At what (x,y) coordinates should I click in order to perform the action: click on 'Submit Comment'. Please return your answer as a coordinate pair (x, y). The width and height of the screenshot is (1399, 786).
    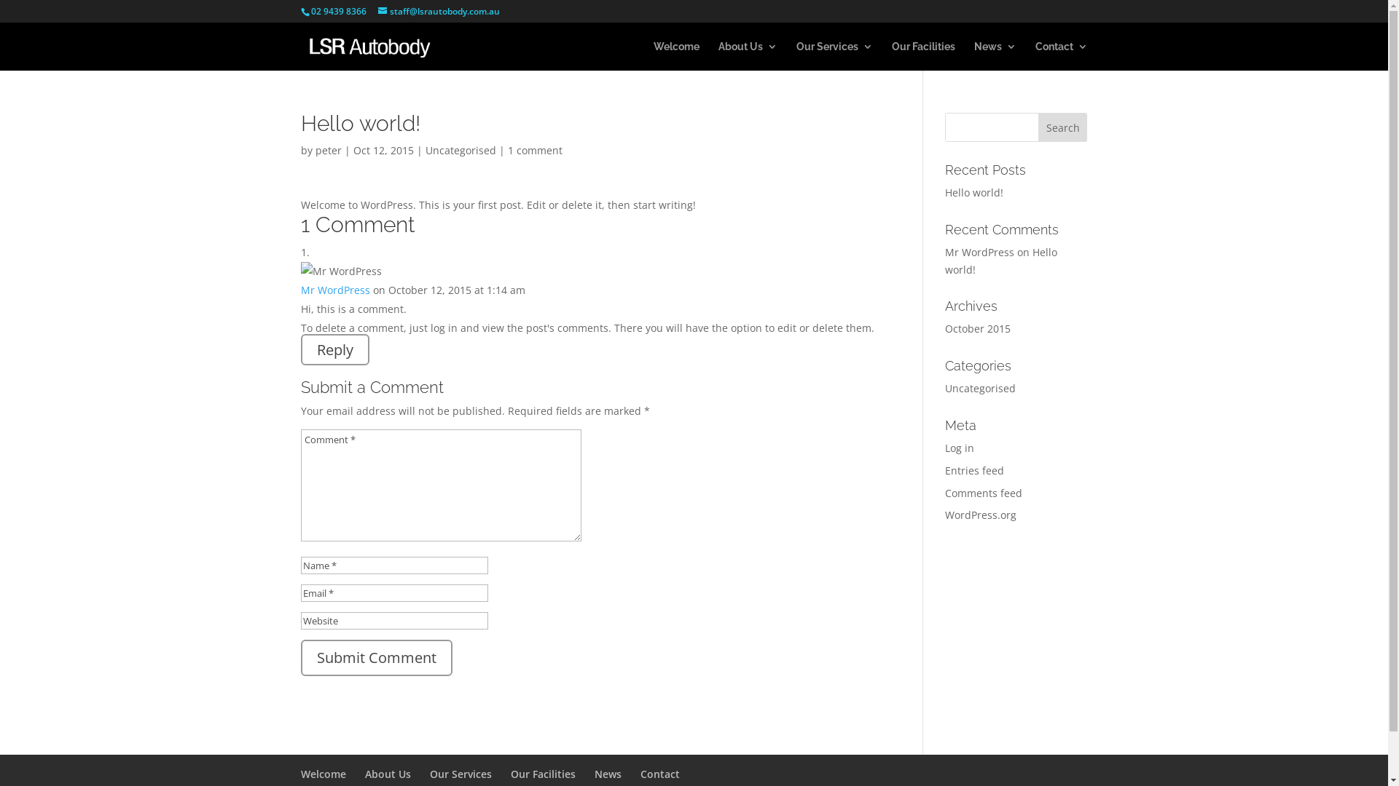
    Looking at the image, I should click on (375, 657).